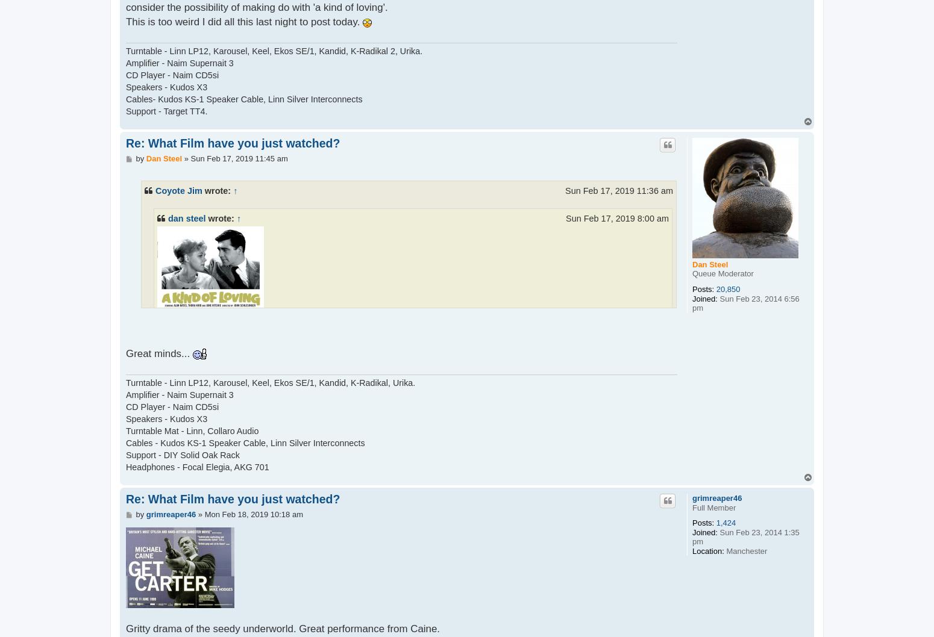 This screenshot has height=637, width=934. I want to click on 'image.jpeg Victor 'Vic' Brown (Bates) is a draughtsman in a Manchester factory who sleeps with a typist called Ingrid Rothwell (Ritchie) who also works there. She falls for him but he is less enamoured of her. When he learns he has made her pregnant Vic proposes marriage and the couple move in with Ingrid's protective, domineering mother, Mrs Rothwell (Thora Hird), who disapproves of the match. Ingrid has a miscarriage, Vic has regrets and comes home drunk. The couple then consider the possibility of making do with 'a kind of loving'.', so click(144, 553).